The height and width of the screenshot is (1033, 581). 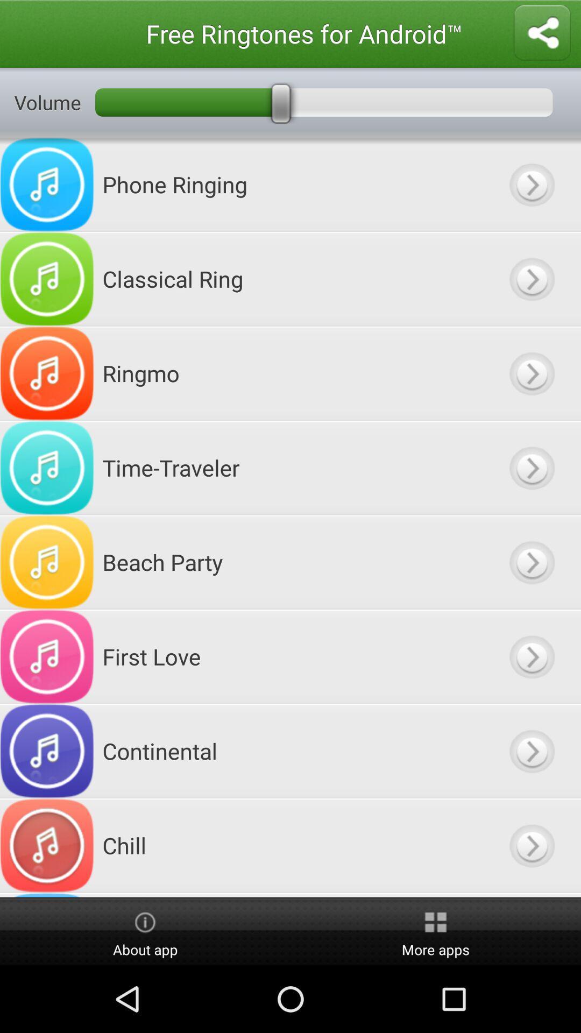 I want to click on music, so click(x=531, y=751).